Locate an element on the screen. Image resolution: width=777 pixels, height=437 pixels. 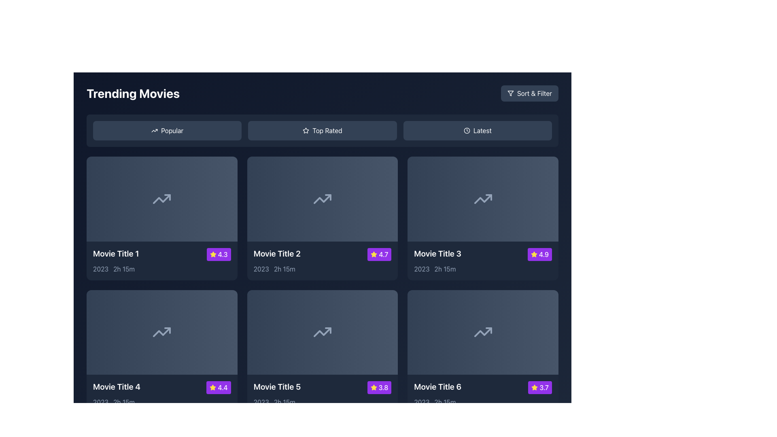
the star-shaped icon located in the top section of the interface, near the 'Top Rated' button area is located at coordinates (306, 130).